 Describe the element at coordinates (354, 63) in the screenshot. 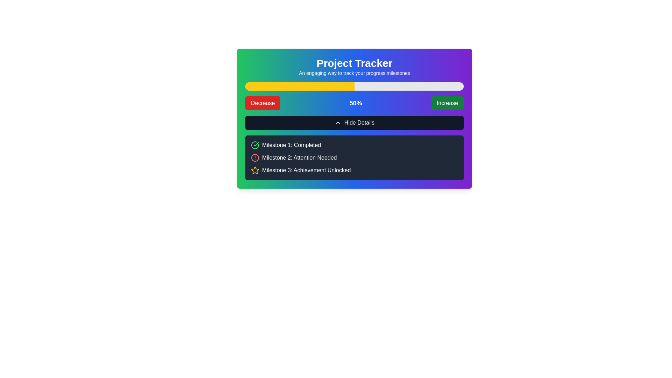

I see `text content of the large bold heading 'Project Tracker', which is prominently displayed in white against a colorful gradient background` at that location.